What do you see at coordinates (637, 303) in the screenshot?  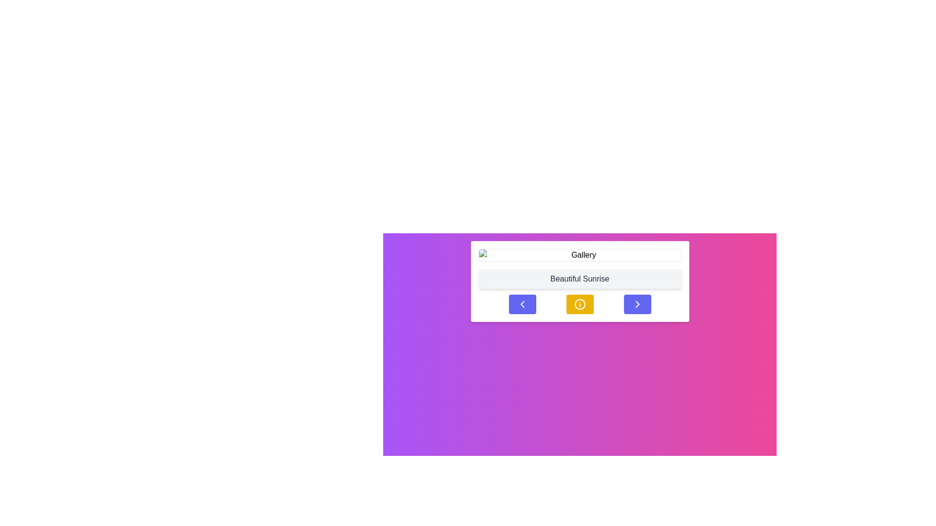 I see `the fourth blue rounded rectangular button with a white right arrow located in the lower section of a card-like layout` at bounding box center [637, 303].